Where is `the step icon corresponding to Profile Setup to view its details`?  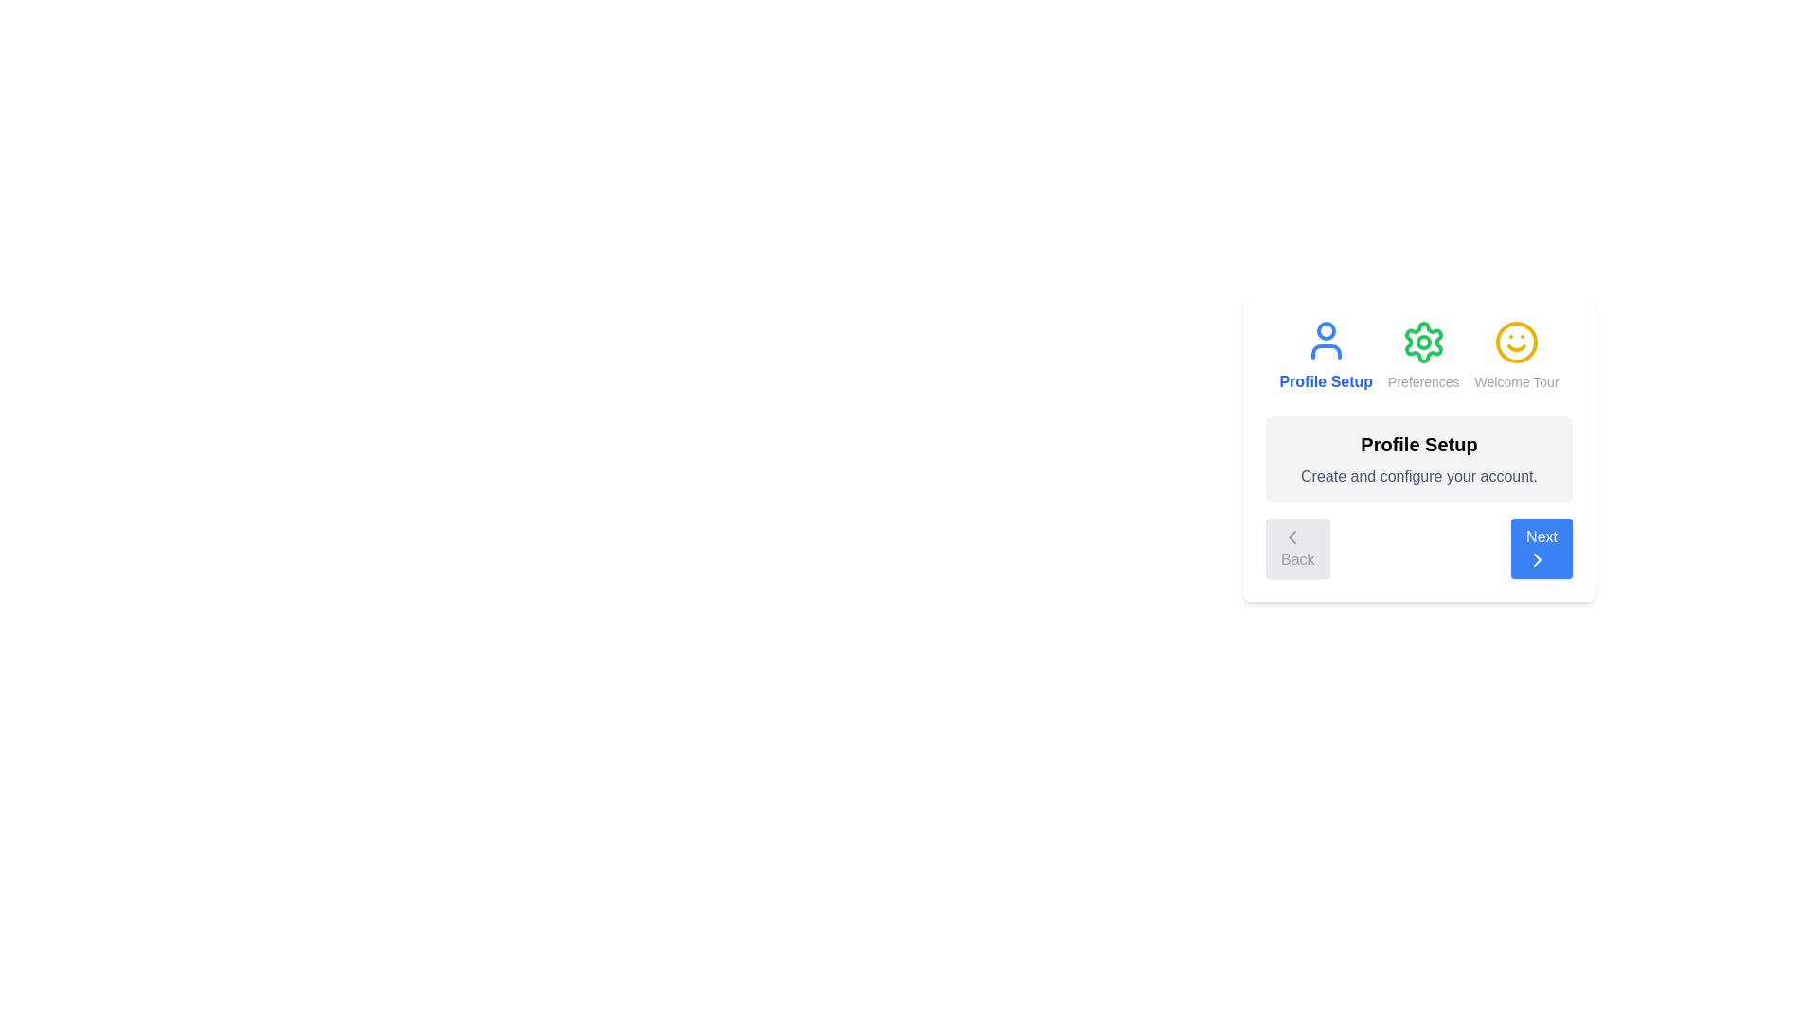
the step icon corresponding to Profile Setup to view its details is located at coordinates (1325, 355).